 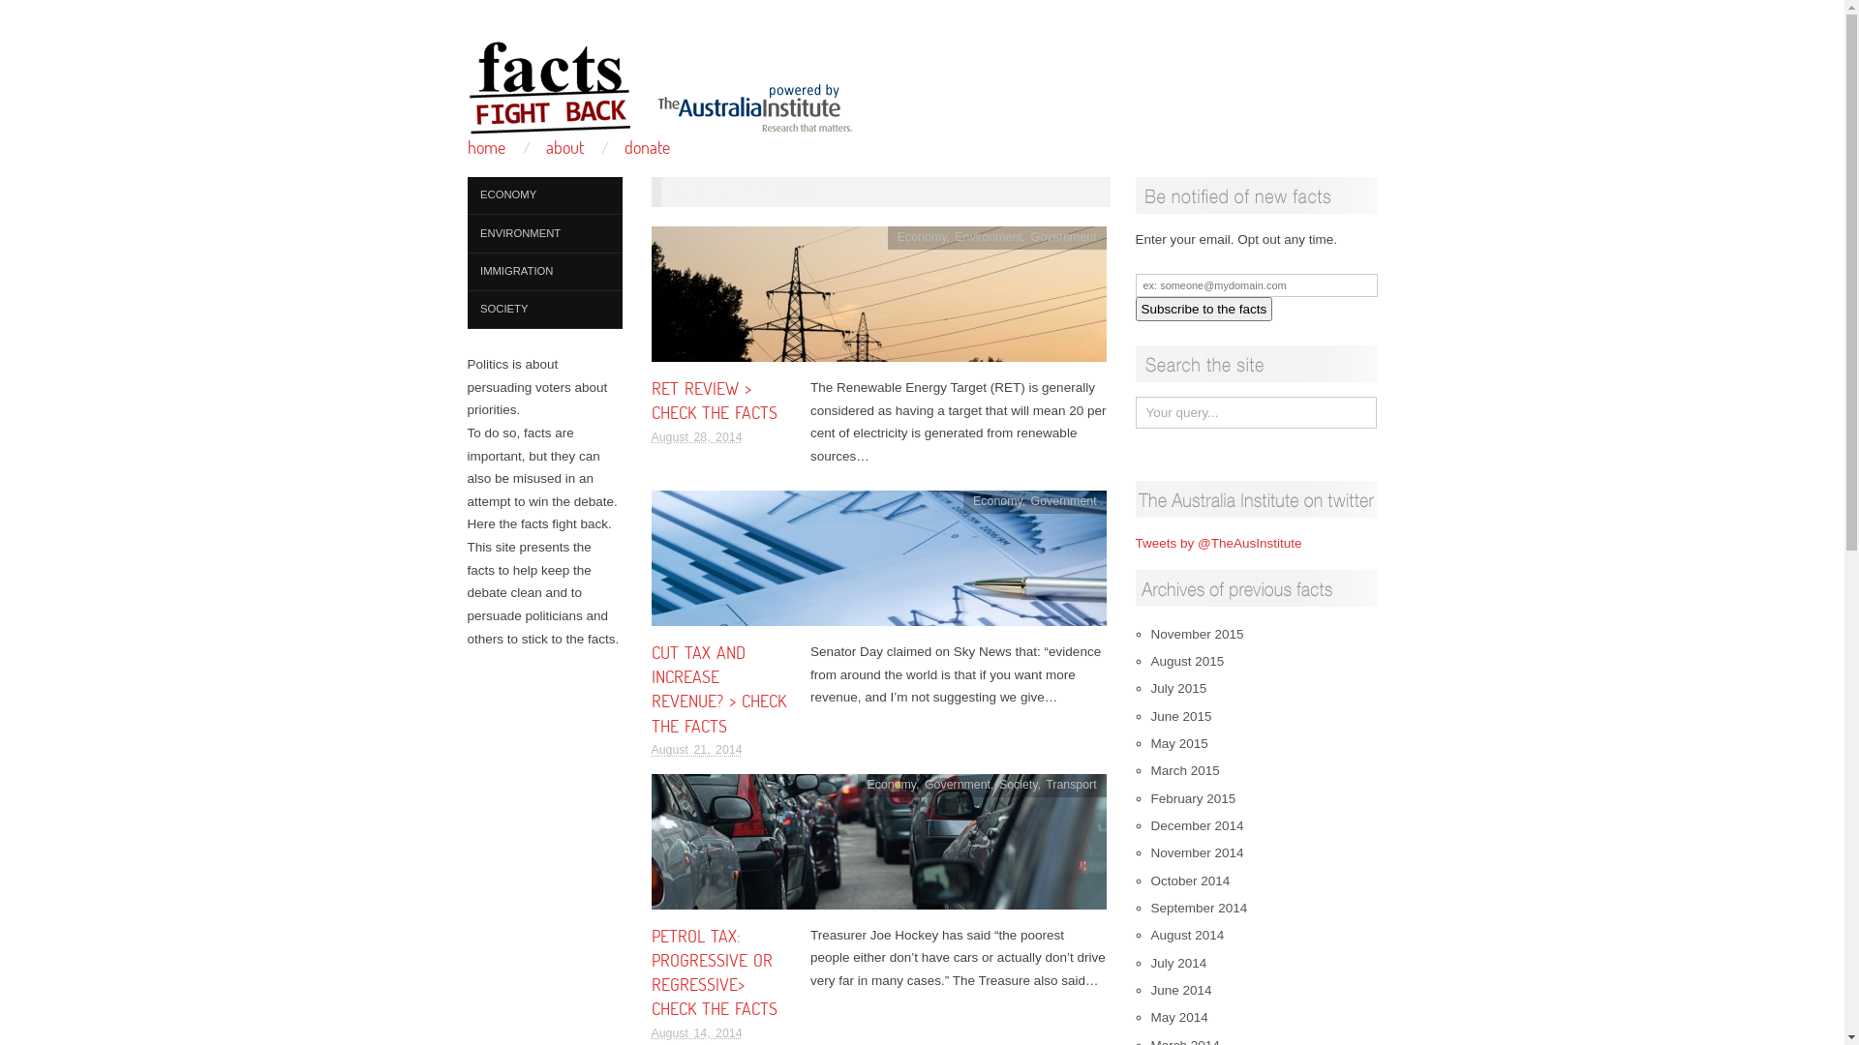 What do you see at coordinates (485, 145) in the screenshot?
I see `'home'` at bounding box center [485, 145].